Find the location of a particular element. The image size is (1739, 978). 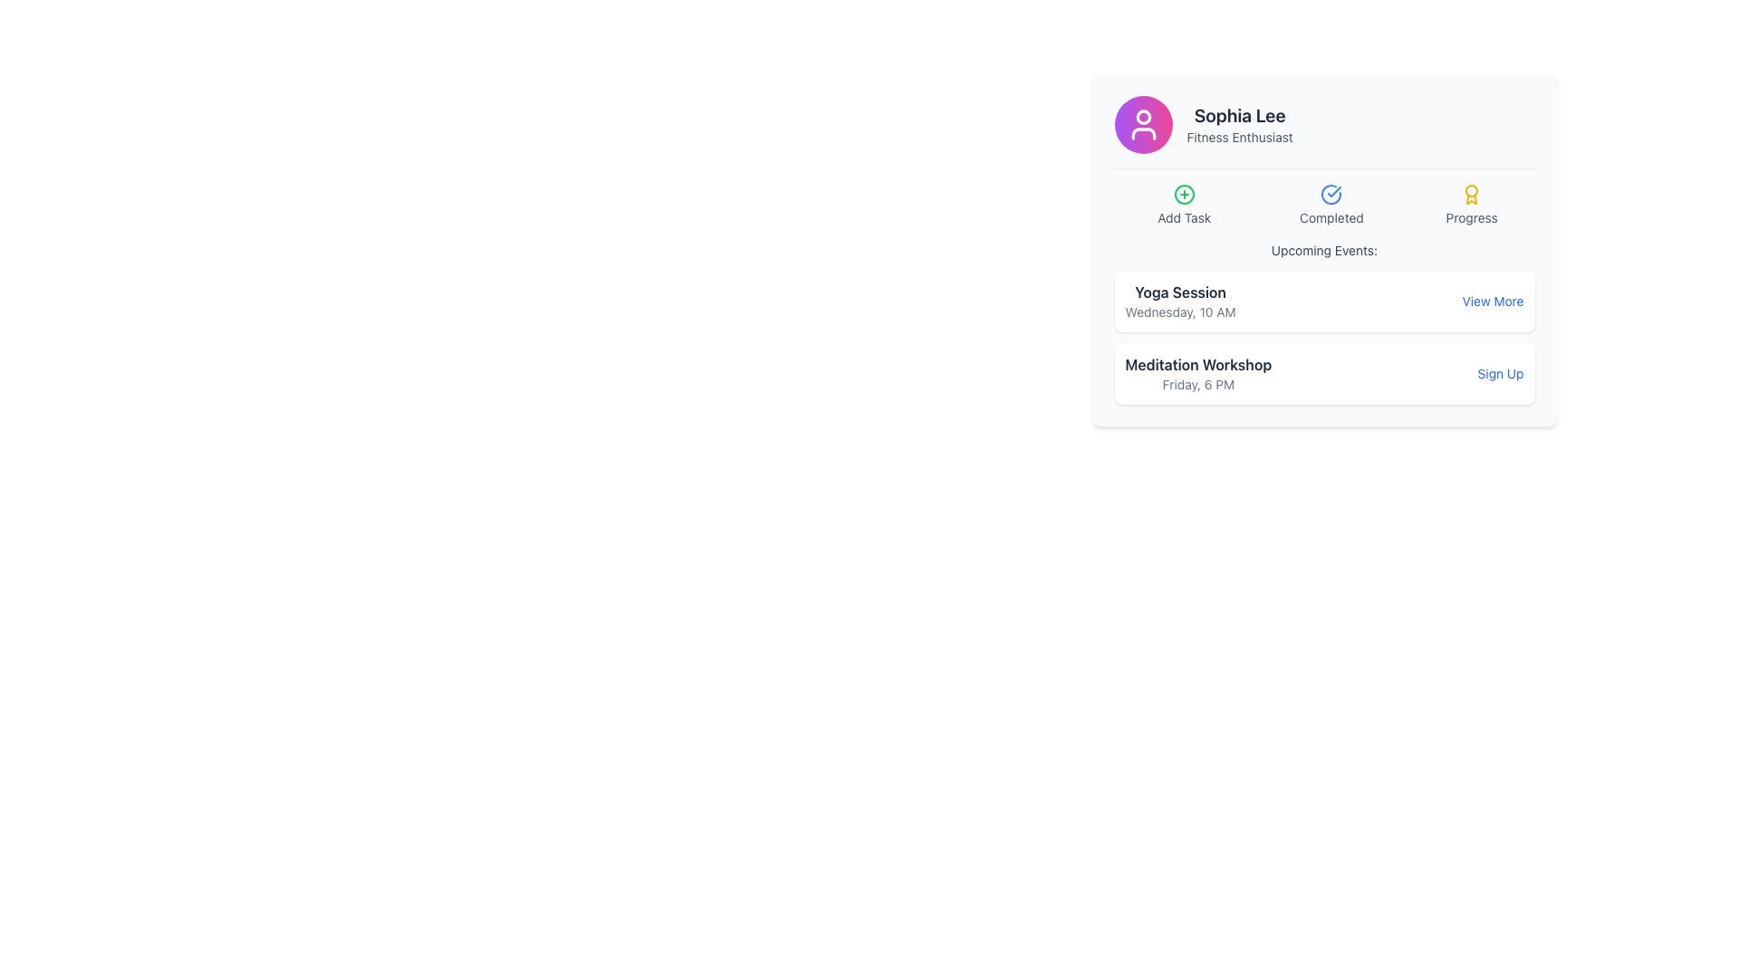

the Graphic Icon (SVG) that visually represents completion or confirmation, located centrally within the section titled 'Completed.' is located at coordinates (1331, 195).